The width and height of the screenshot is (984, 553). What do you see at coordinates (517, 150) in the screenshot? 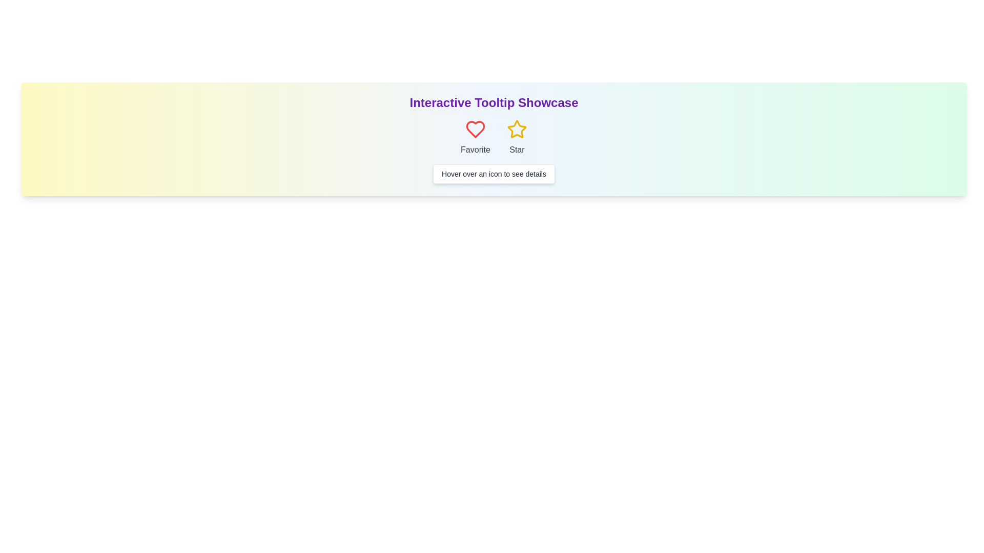
I see `the 'Star' text label located beneath the yellow star icon, which is styled in gray color and centered under the icon` at bounding box center [517, 150].